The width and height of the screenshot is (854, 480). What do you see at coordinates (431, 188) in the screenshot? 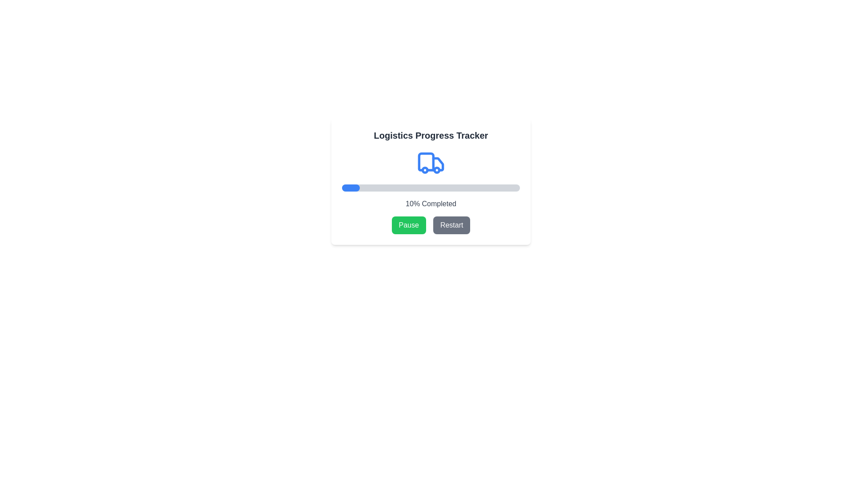
I see `the progress visually on the progress bar located centrally below the 'Logistics Progress Tracker' title and truck icon, and directly above the '5% Completed' text` at bounding box center [431, 188].